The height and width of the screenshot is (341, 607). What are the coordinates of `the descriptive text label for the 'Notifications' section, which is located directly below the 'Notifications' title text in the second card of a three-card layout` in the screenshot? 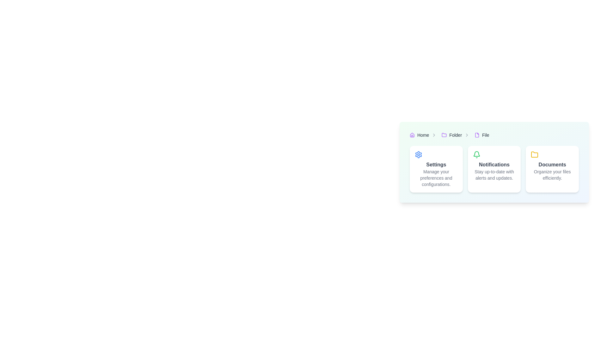 It's located at (494, 175).